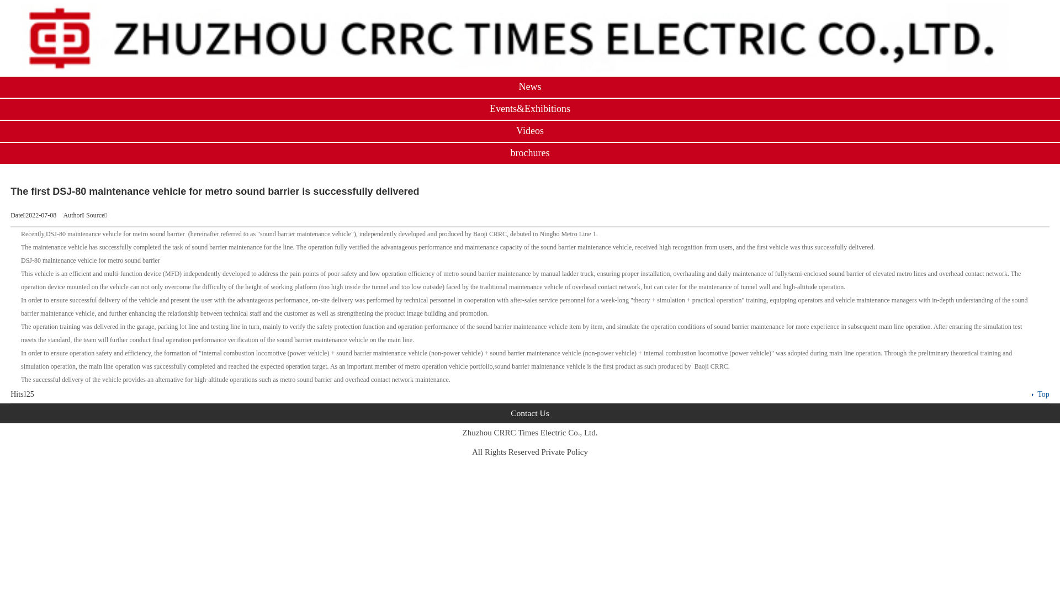 This screenshot has height=596, width=1060. What do you see at coordinates (530, 108) in the screenshot?
I see `'Events&Exhibitions'` at bounding box center [530, 108].